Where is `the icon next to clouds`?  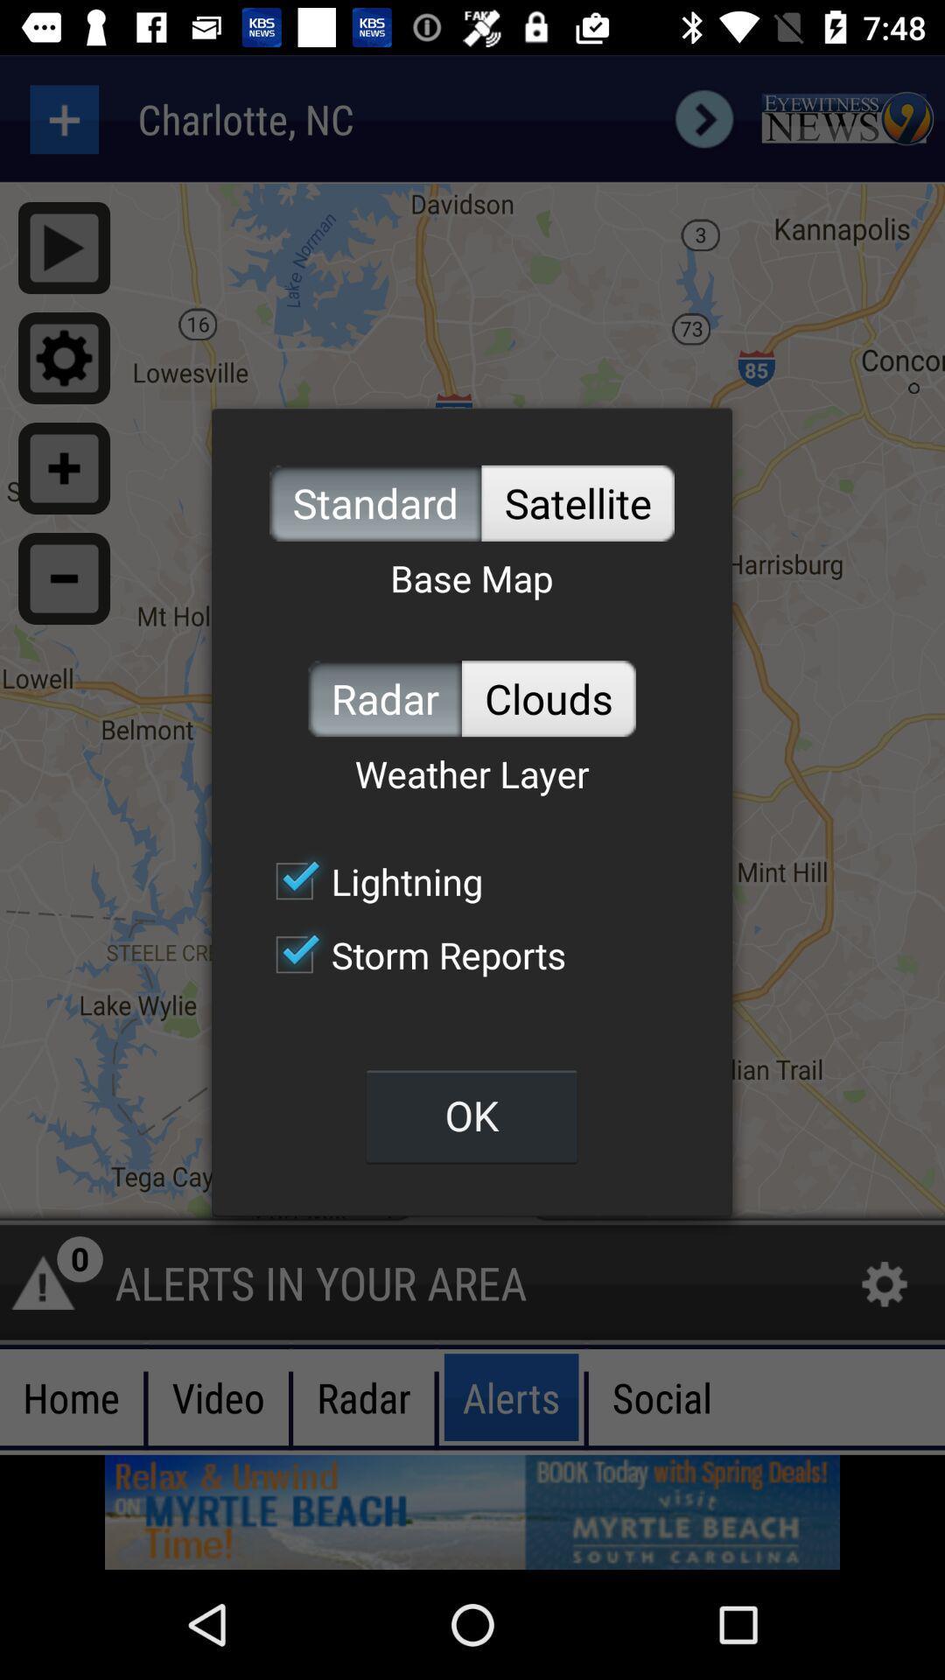 the icon next to clouds is located at coordinates (384, 697).